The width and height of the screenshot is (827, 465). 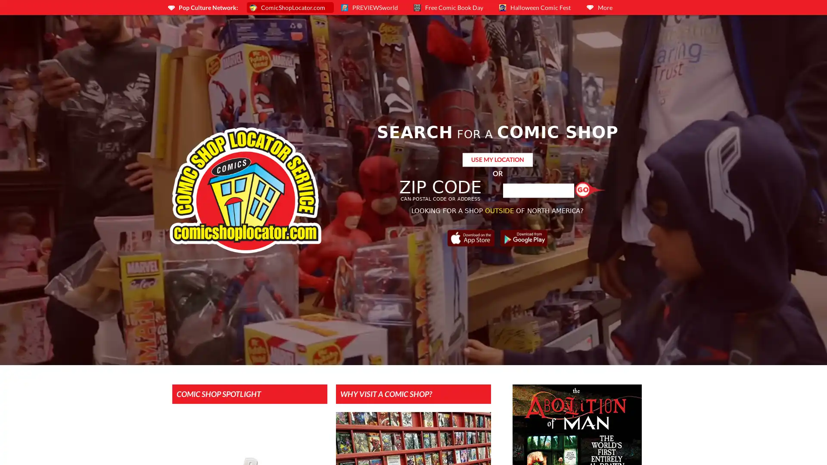 I want to click on USE MY LOCATION, so click(x=497, y=159).